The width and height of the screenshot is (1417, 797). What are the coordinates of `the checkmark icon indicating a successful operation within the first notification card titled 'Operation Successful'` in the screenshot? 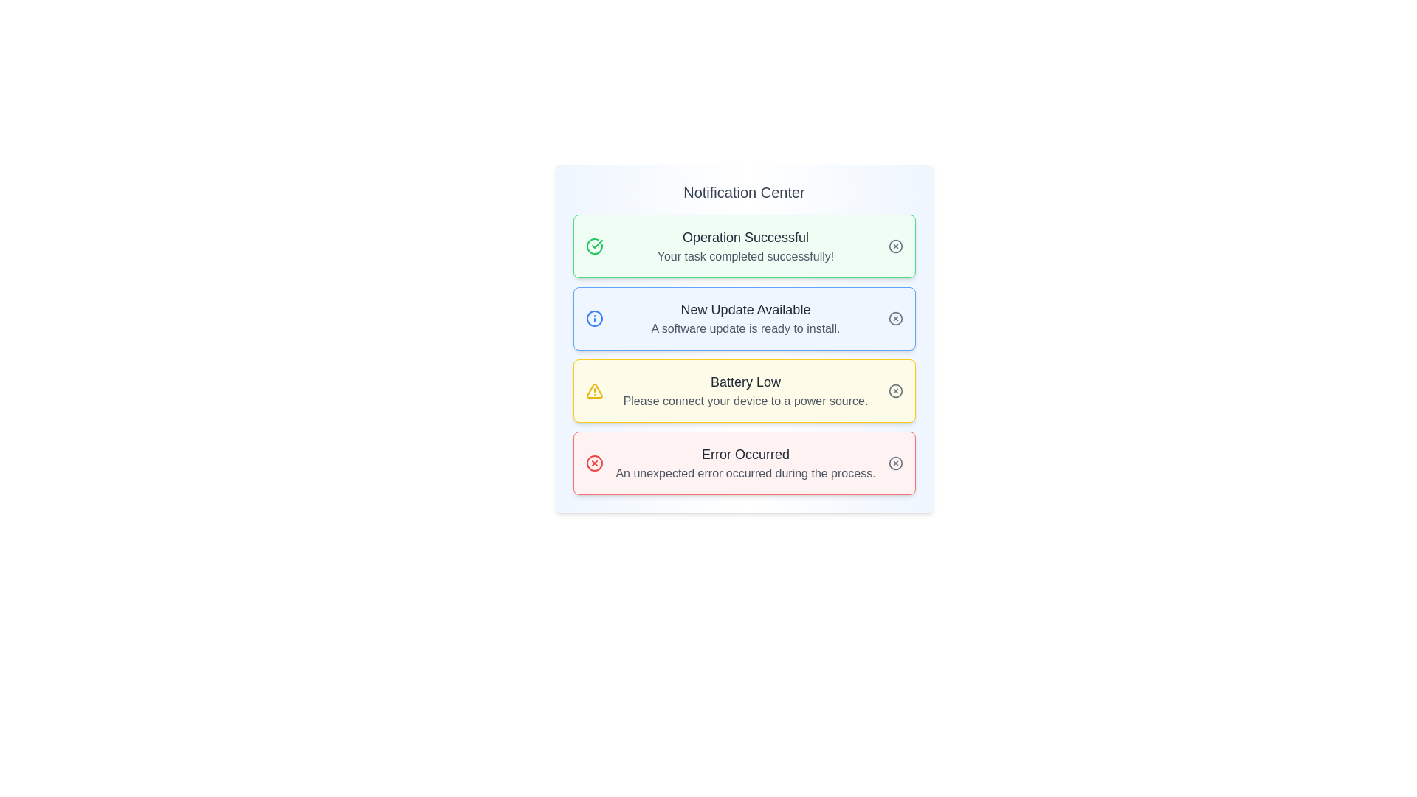 It's located at (597, 244).